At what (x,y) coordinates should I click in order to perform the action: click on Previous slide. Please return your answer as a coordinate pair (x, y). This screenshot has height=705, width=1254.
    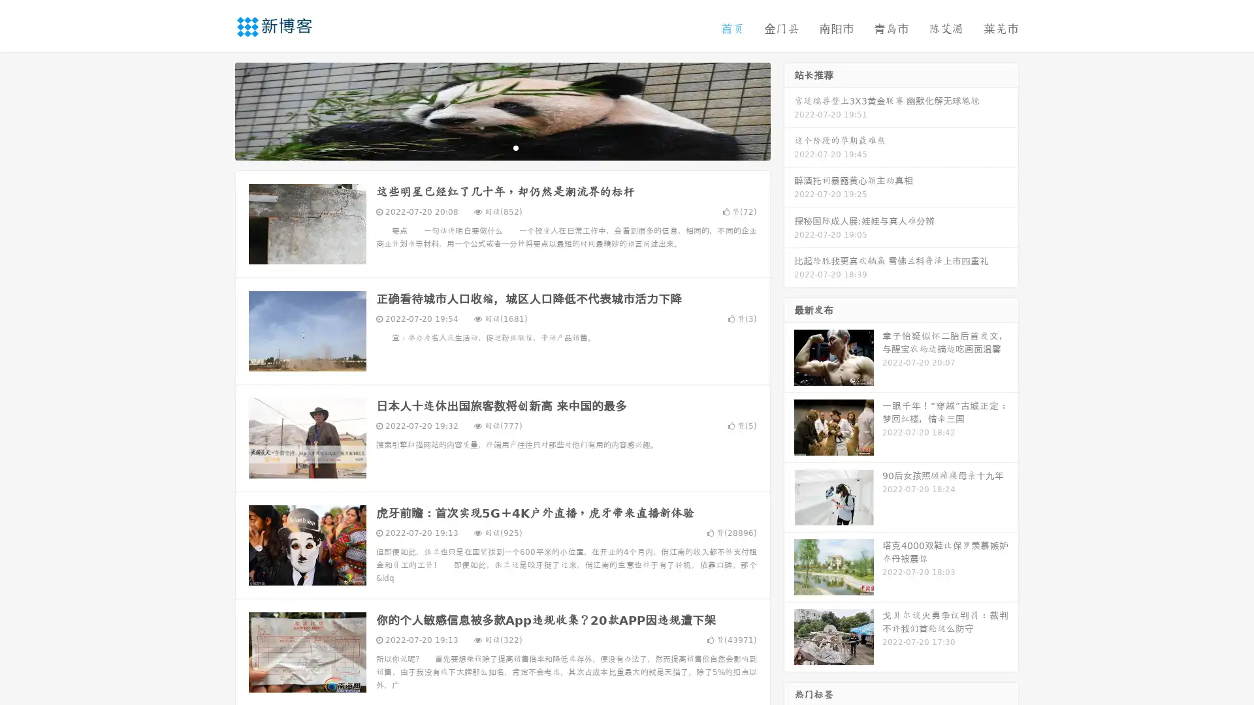
    Looking at the image, I should click on (216, 110).